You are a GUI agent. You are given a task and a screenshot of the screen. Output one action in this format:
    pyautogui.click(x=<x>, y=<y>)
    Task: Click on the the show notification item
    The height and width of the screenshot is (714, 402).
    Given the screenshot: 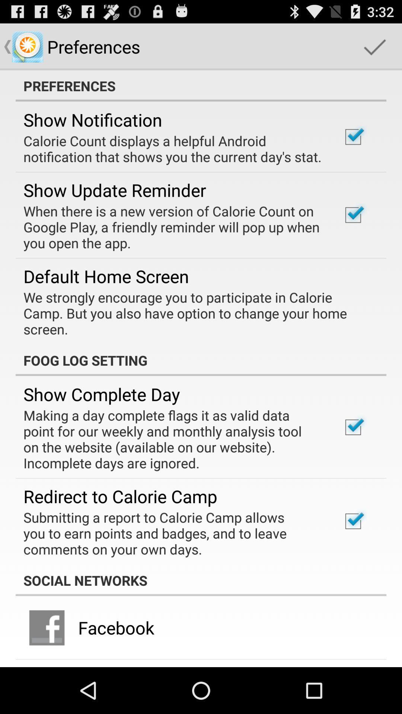 What is the action you would take?
    pyautogui.click(x=92, y=120)
    